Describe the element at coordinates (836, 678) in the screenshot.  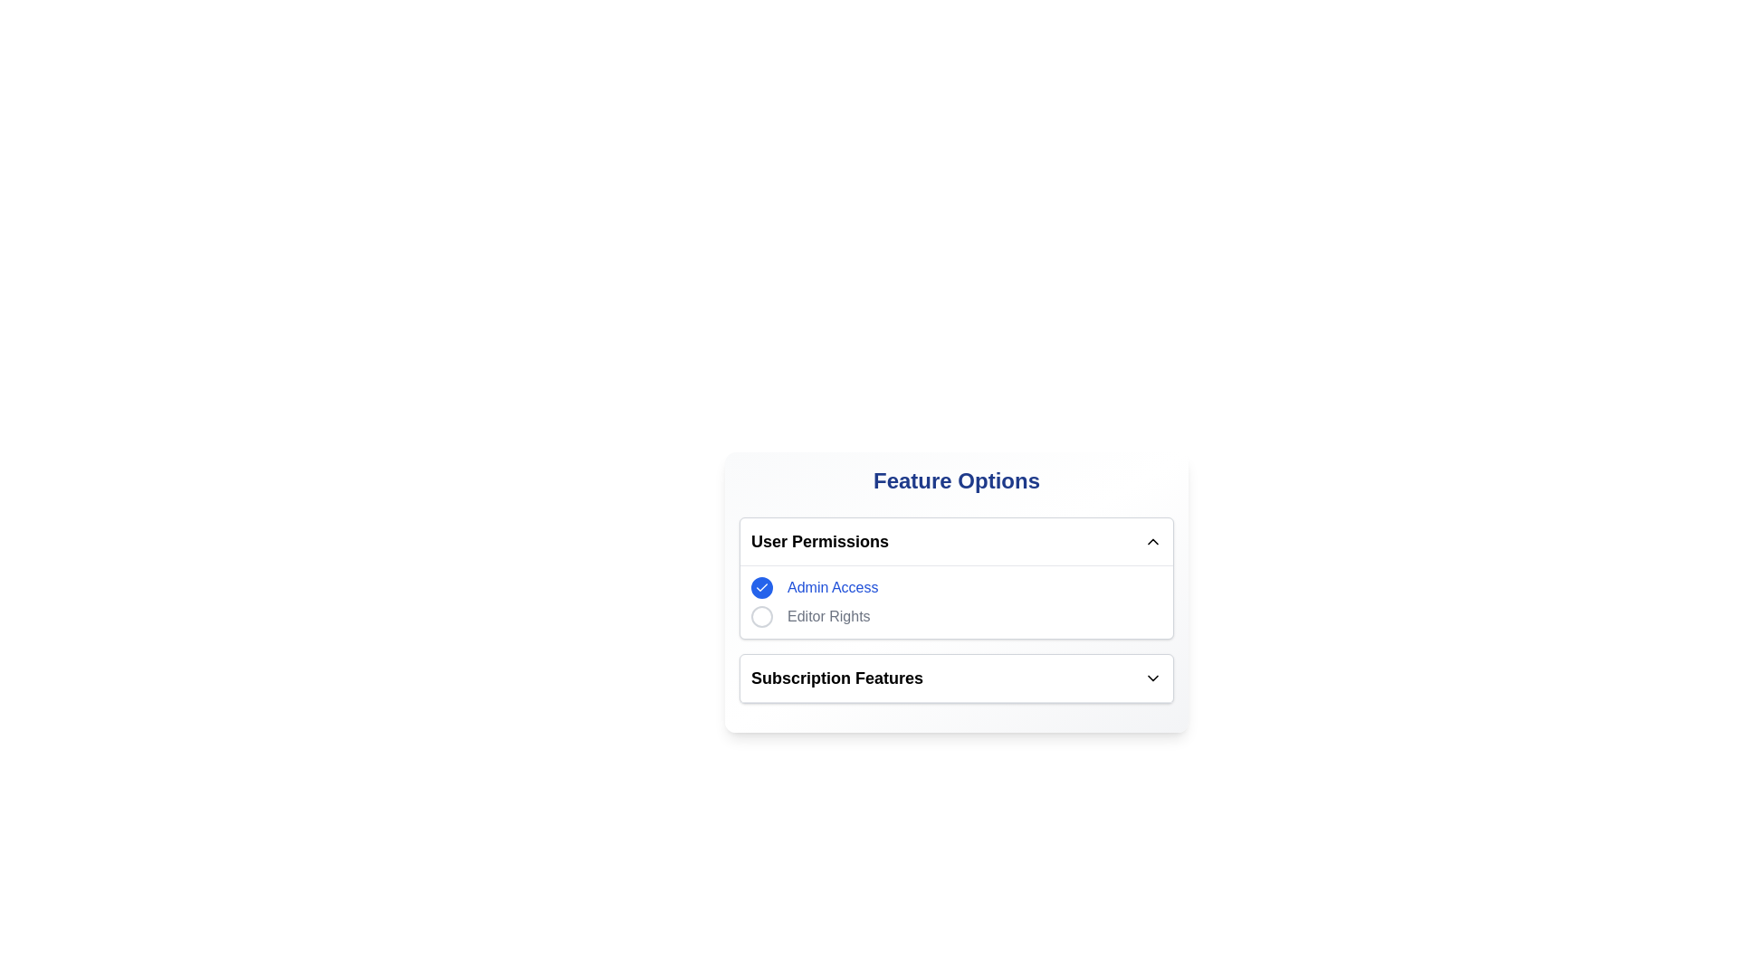
I see `the bold static text label 'Subscription Features', which is prominently displayed under 'User Permissions' in the subscription options panel` at that location.